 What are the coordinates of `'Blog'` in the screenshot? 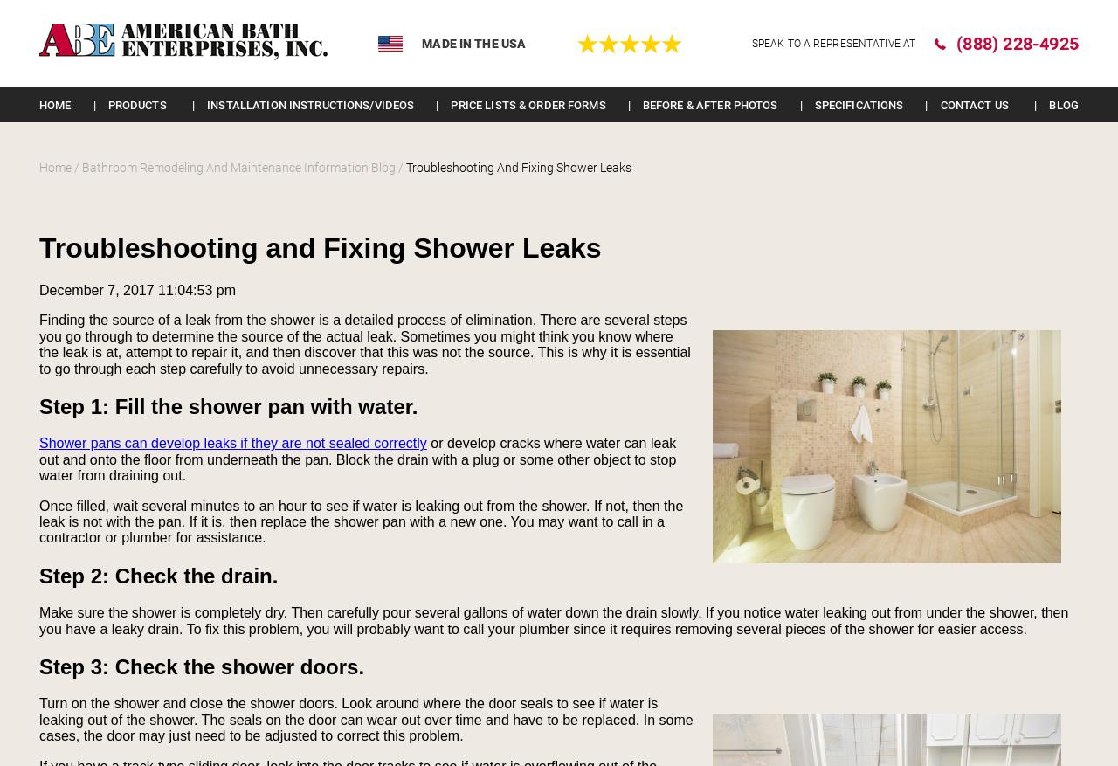 It's located at (1062, 104).